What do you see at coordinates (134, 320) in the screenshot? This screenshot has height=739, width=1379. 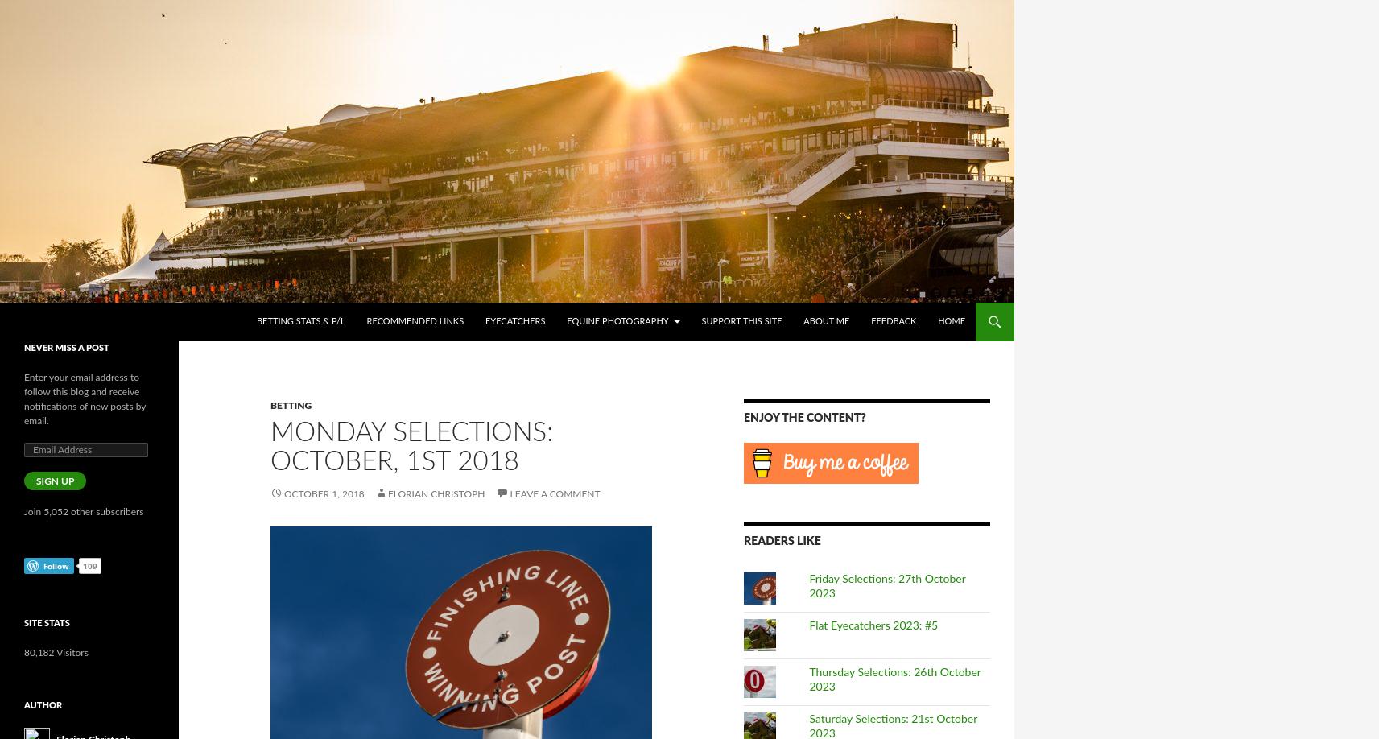 I see `'Horseracing – International . COM'` at bounding box center [134, 320].